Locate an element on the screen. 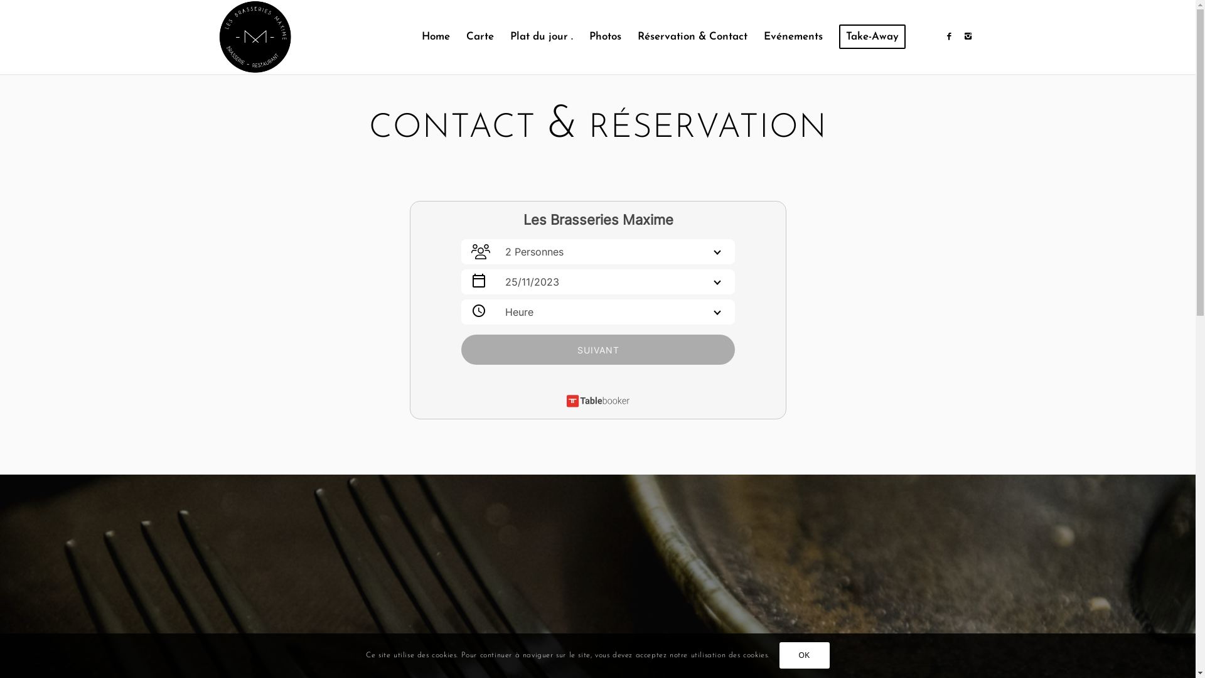  'Take-Away' is located at coordinates (872, 36).